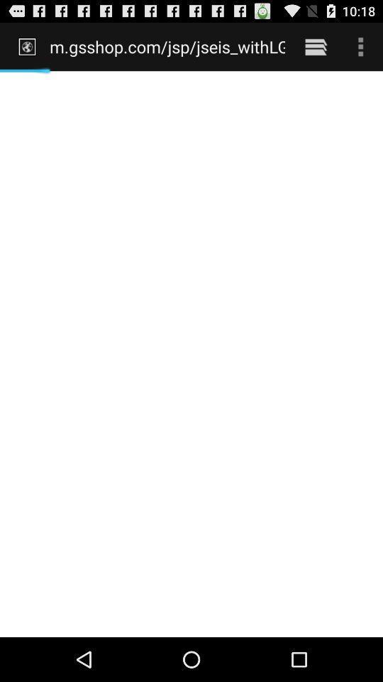  What do you see at coordinates (191, 353) in the screenshot?
I see `item at the center` at bounding box center [191, 353].